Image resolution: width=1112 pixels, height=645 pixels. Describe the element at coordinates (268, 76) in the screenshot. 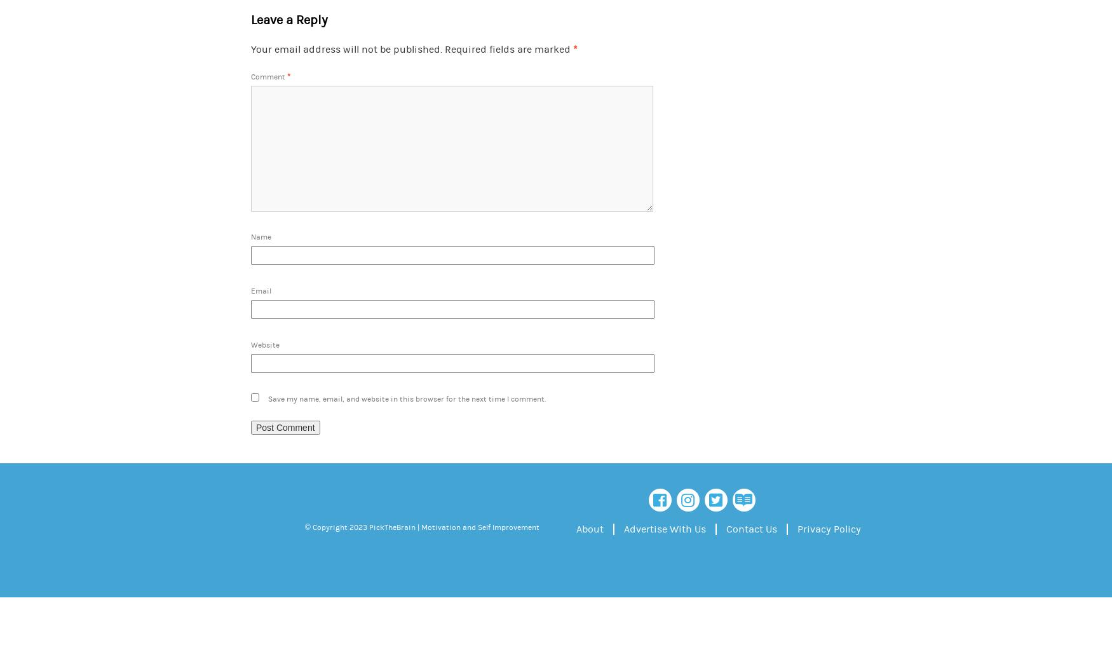

I see `'Comment'` at that location.